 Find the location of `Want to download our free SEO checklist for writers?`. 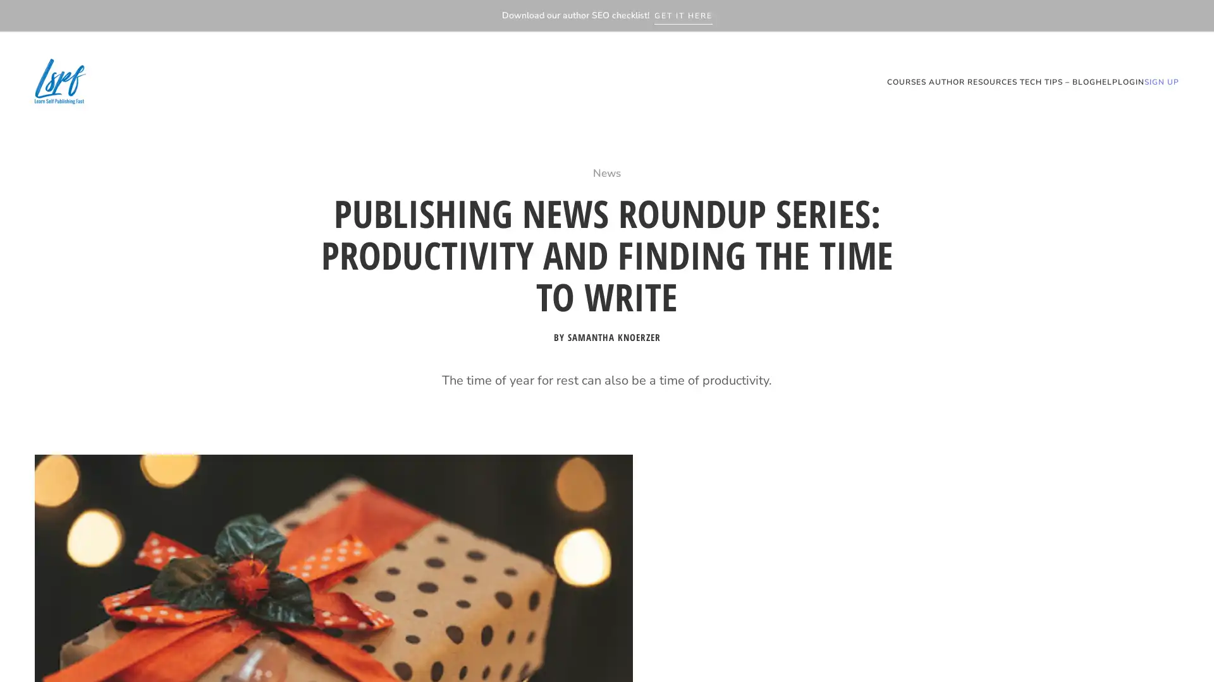

Want to download our free SEO checklist for writers? is located at coordinates (641, 316).